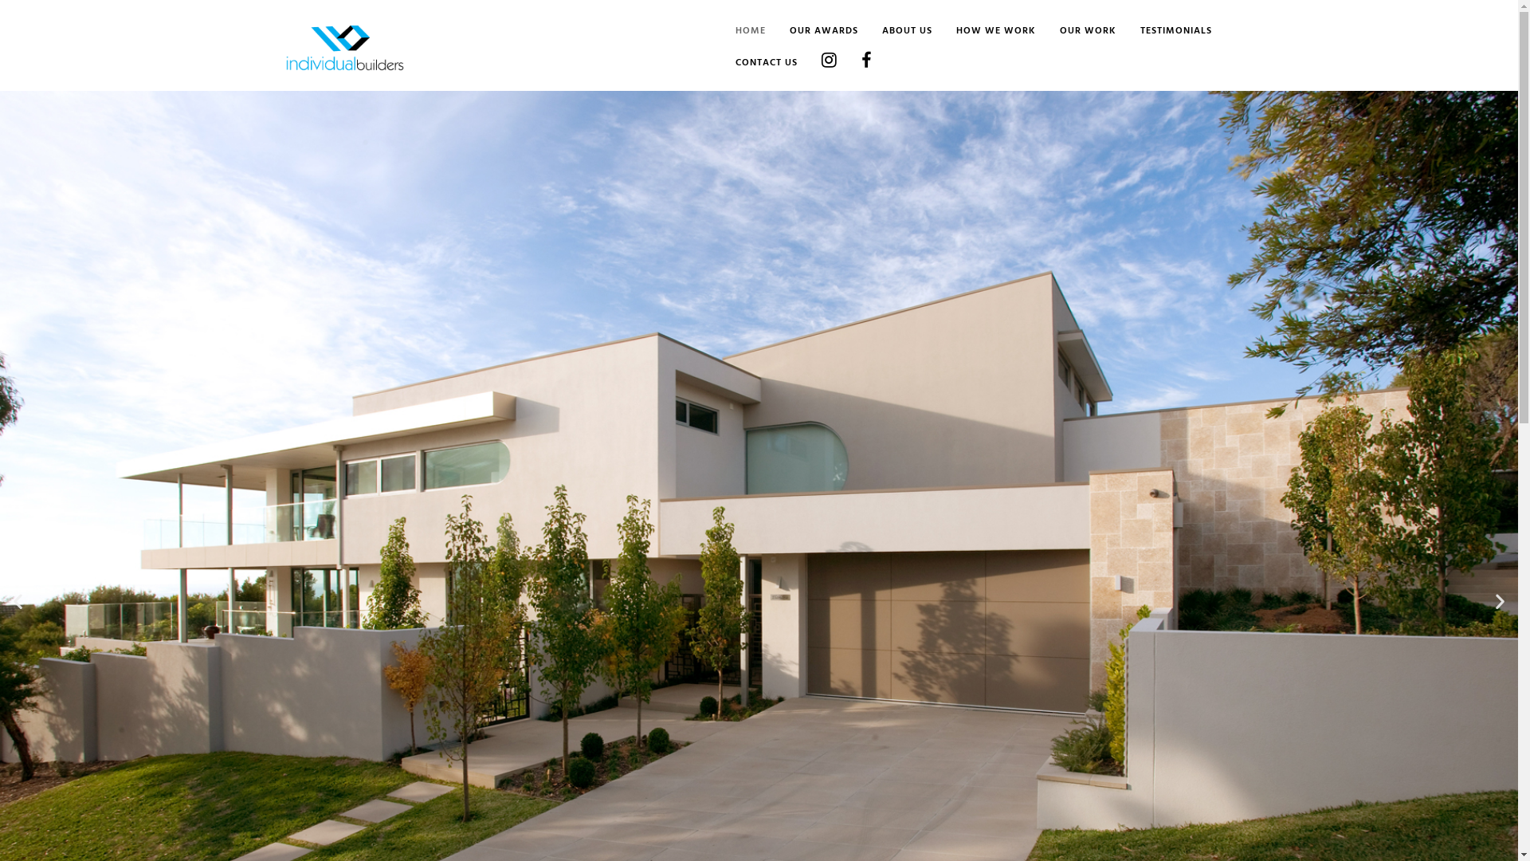 This screenshot has width=1530, height=861. What do you see at coordinates (1163, 31) in the screenshot?
I see `'TESTIMONIALS'` at bounding box center [1163, 31].